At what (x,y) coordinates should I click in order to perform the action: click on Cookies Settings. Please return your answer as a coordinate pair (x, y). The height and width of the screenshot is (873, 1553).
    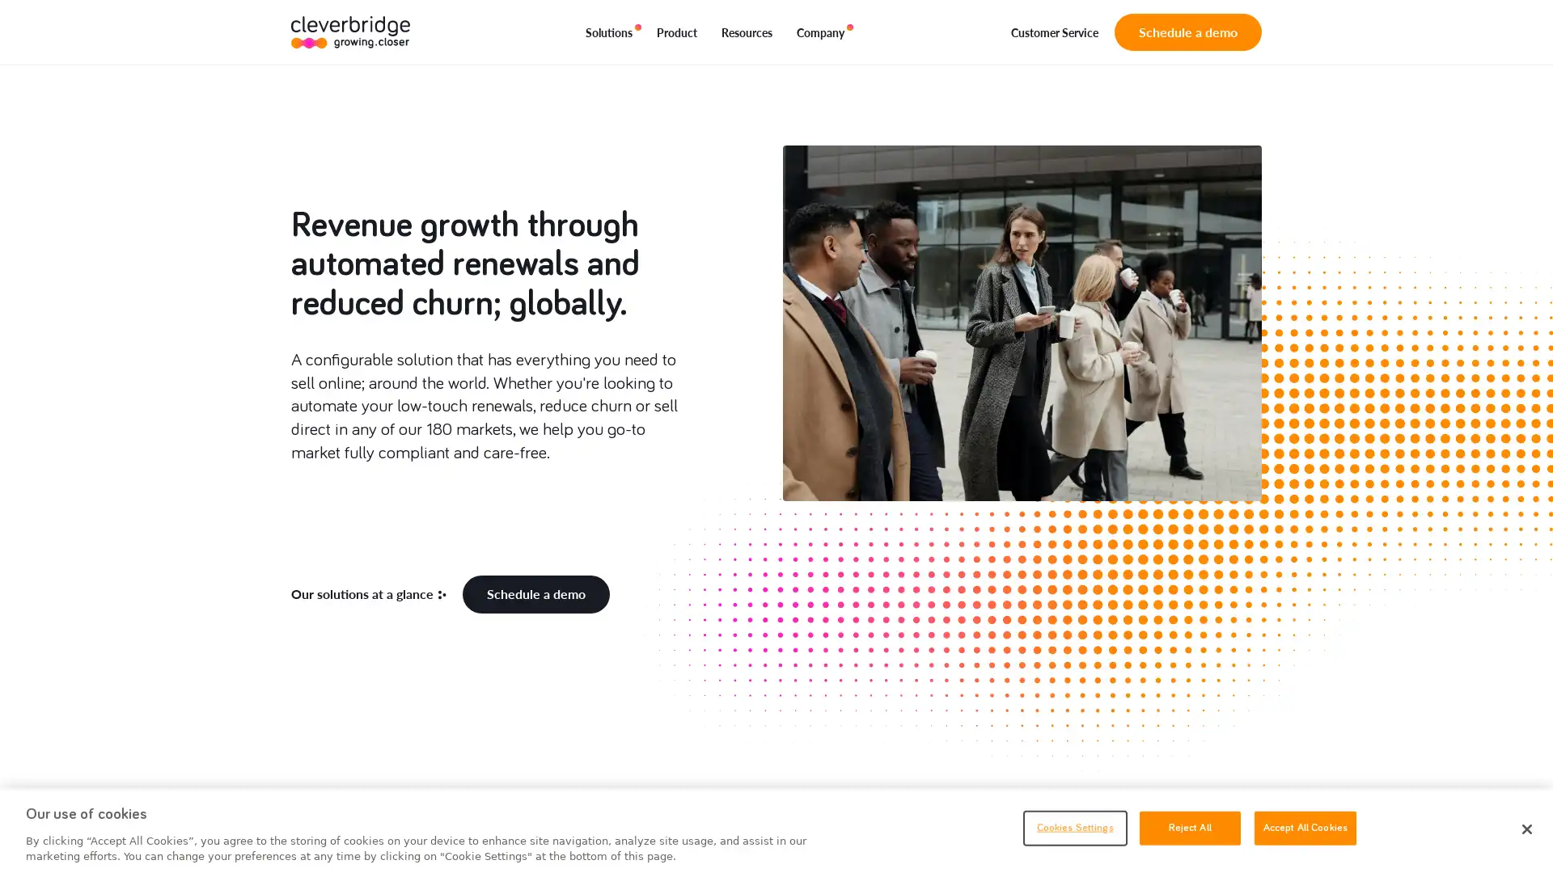
    Looking at the image, I should click on (1074, 827).